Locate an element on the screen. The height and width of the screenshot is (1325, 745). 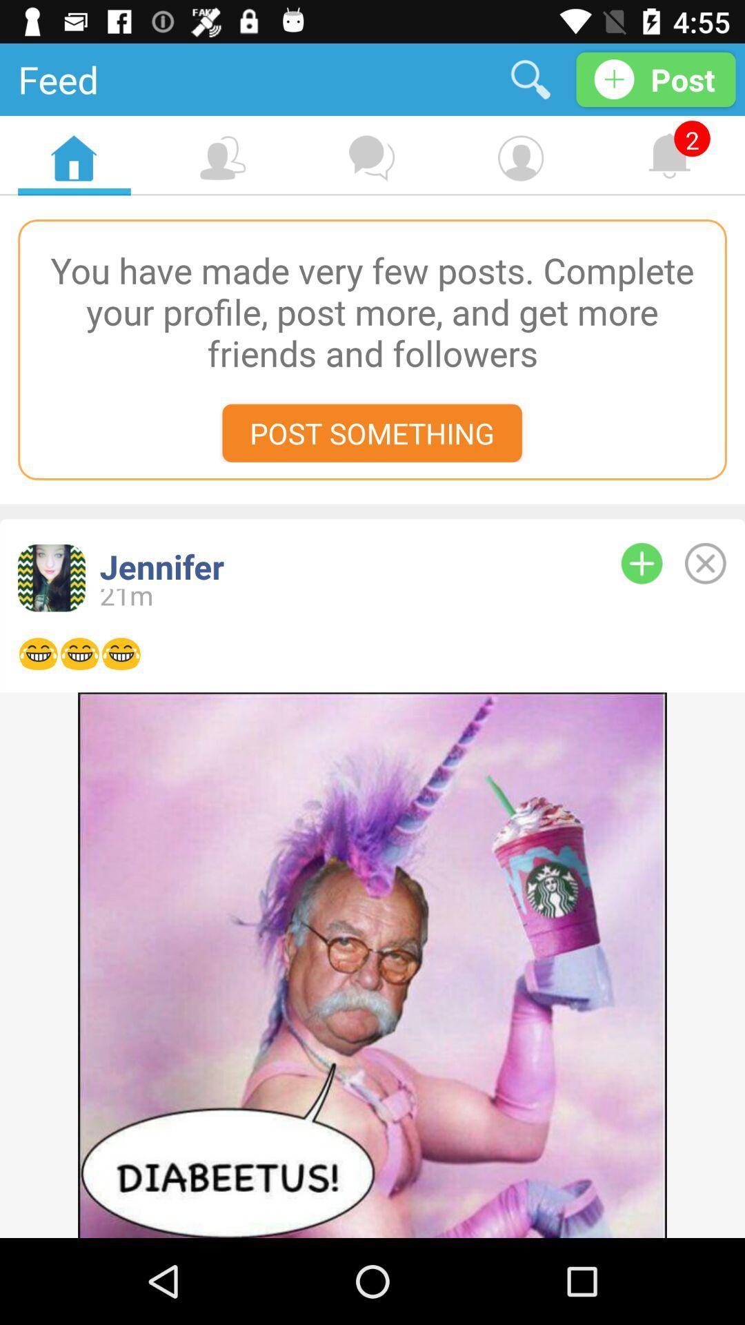
post is located at coordinates (705, 563).